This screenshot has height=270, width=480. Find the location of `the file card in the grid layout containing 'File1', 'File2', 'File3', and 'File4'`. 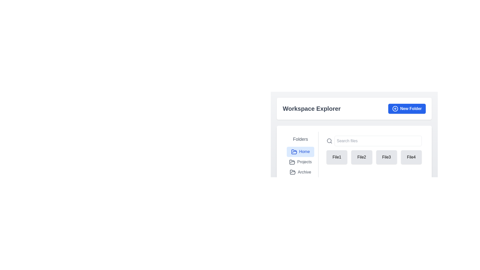

the file card in the grid layout containing 'File1', 'File2', 'File3', and 'File4' is located at coordinates (374, 156).